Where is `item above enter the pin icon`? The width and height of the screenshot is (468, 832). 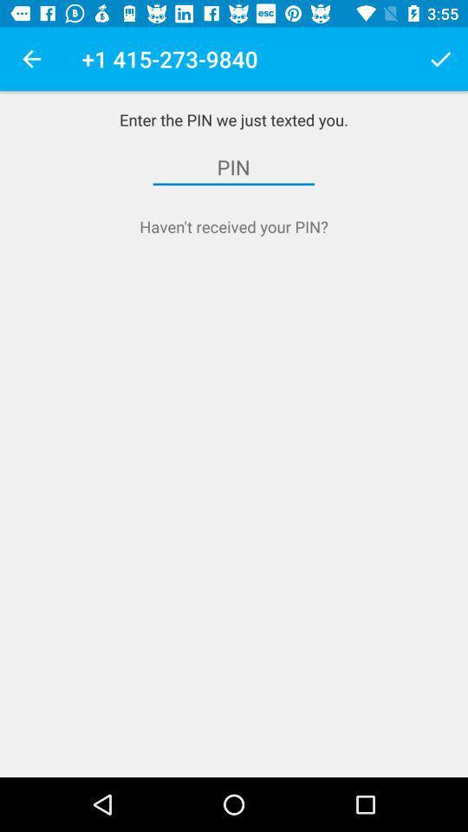 item above enter the pin icon is located at coordinates (31, 59).